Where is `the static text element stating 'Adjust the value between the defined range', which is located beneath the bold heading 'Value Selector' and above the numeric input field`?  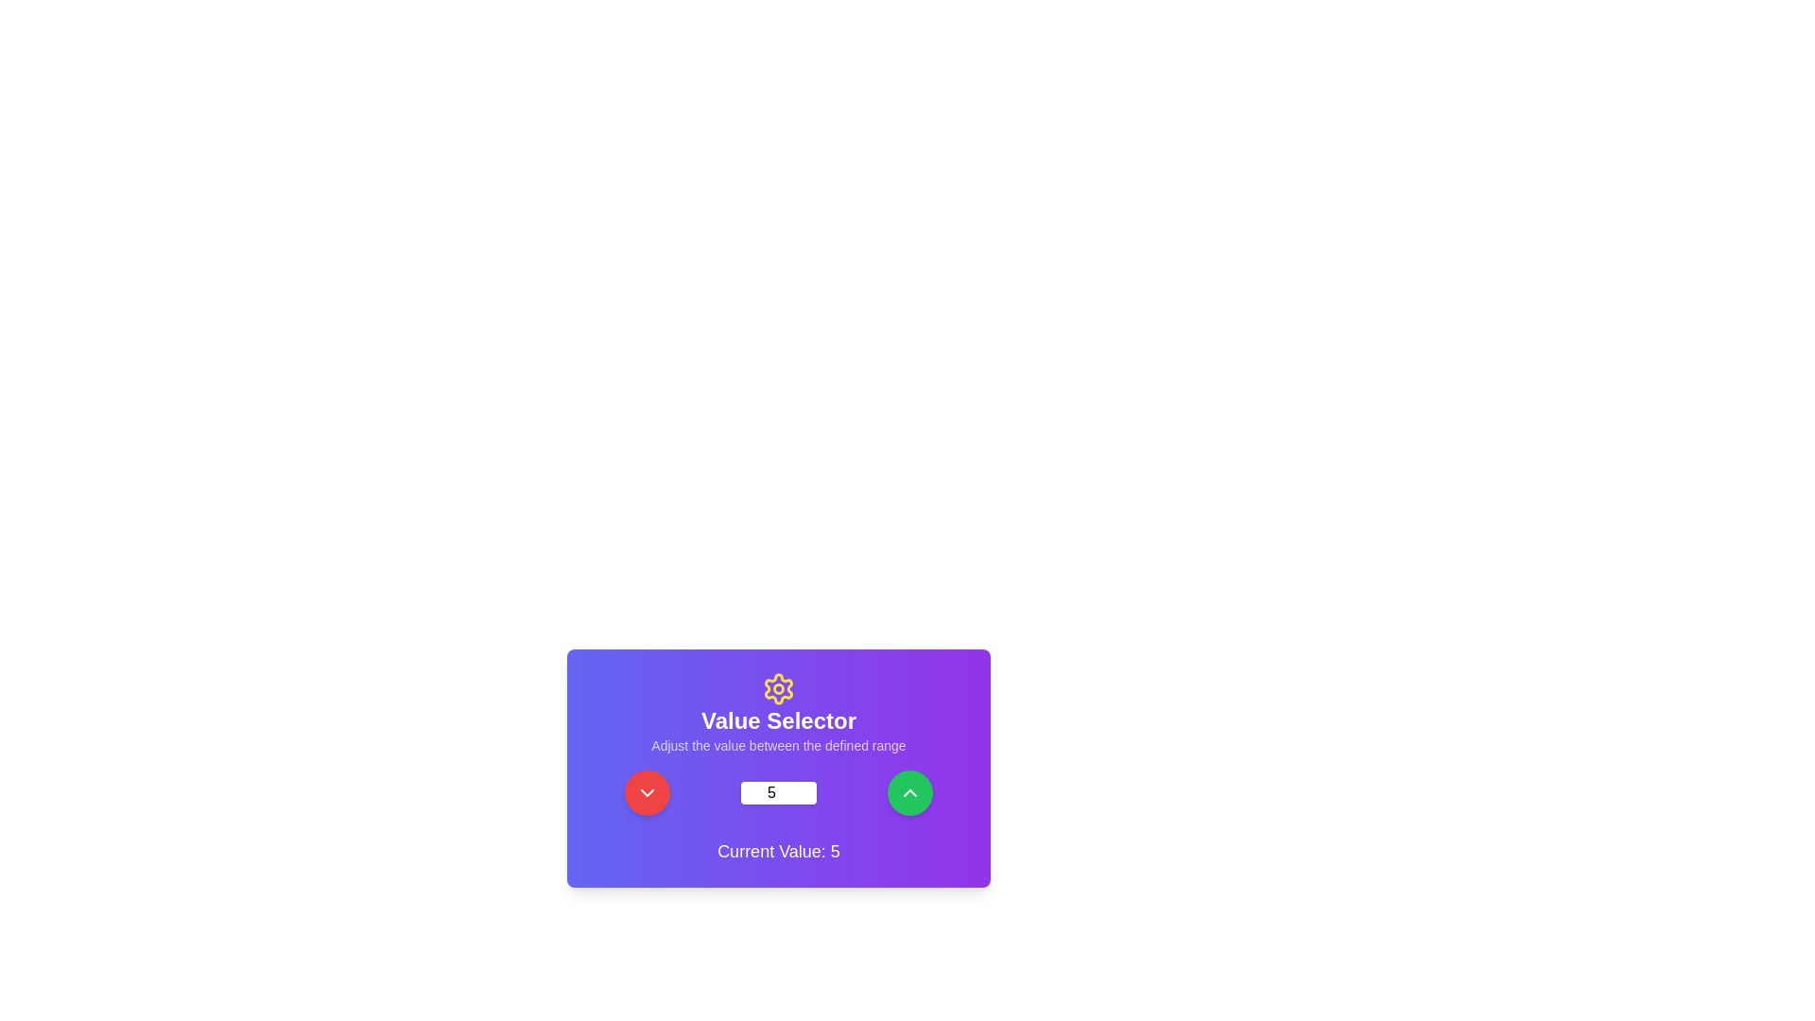 the static text element stating 'Adjust the value between the defined range', which is located beneath the bold heading 'Value Selector' and above the numeric input field is located at coordinates (779, 745).